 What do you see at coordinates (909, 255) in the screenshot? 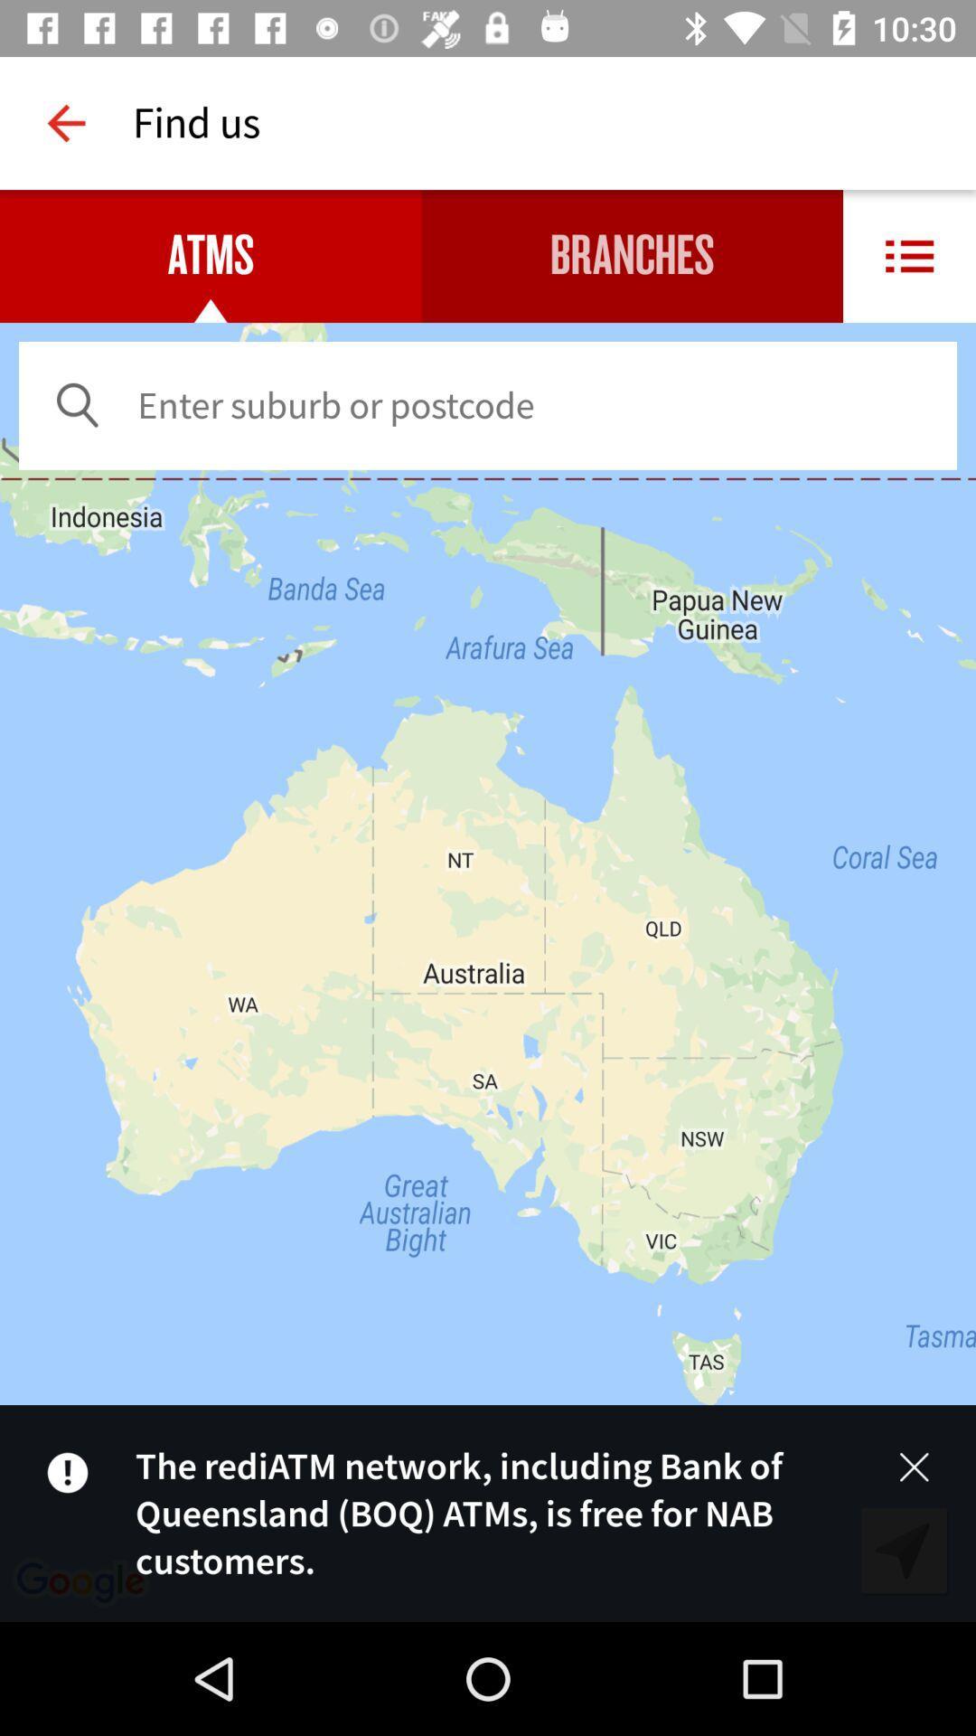
I see `the list icon` at bounding box center [909, 255].